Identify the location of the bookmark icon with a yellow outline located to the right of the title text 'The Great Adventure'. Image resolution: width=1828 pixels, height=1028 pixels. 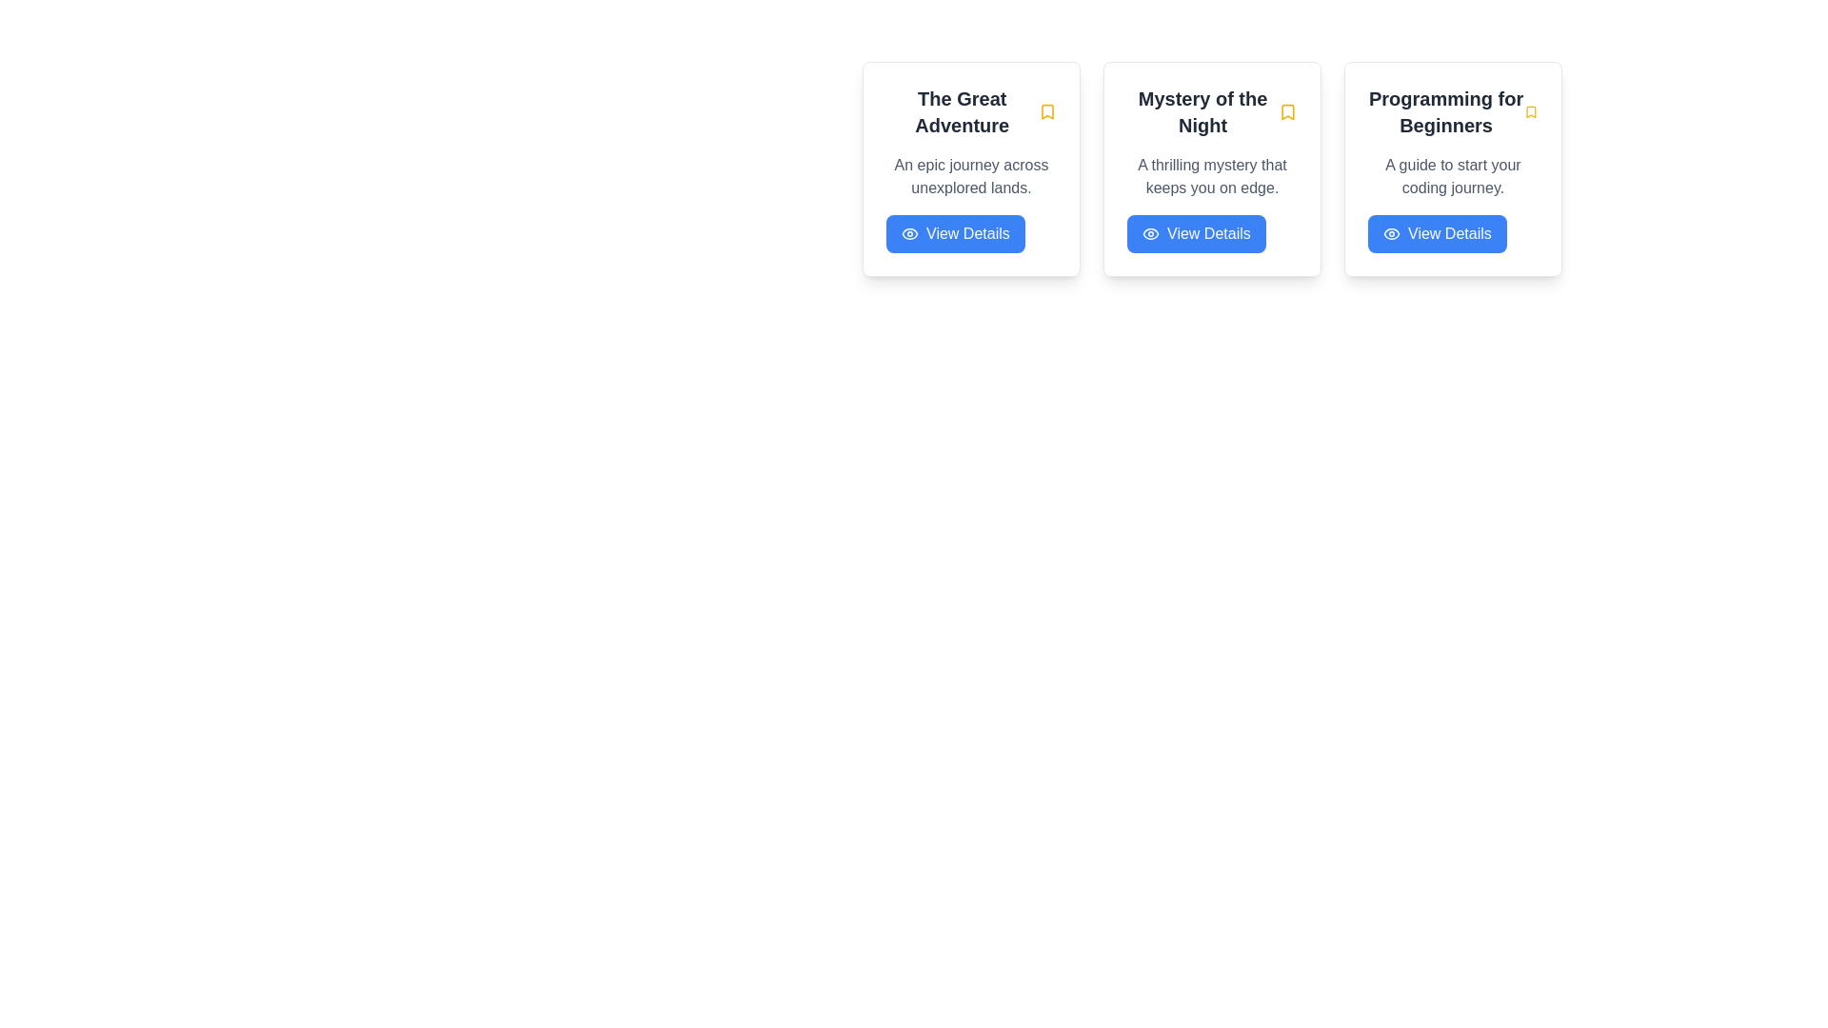
(1046, 112).